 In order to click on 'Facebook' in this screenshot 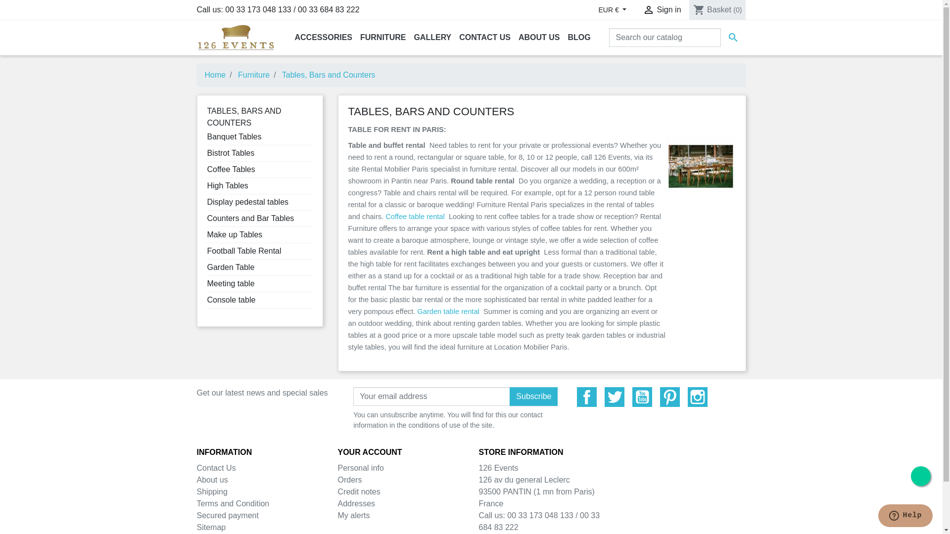, I will do `click(577, 396)`.